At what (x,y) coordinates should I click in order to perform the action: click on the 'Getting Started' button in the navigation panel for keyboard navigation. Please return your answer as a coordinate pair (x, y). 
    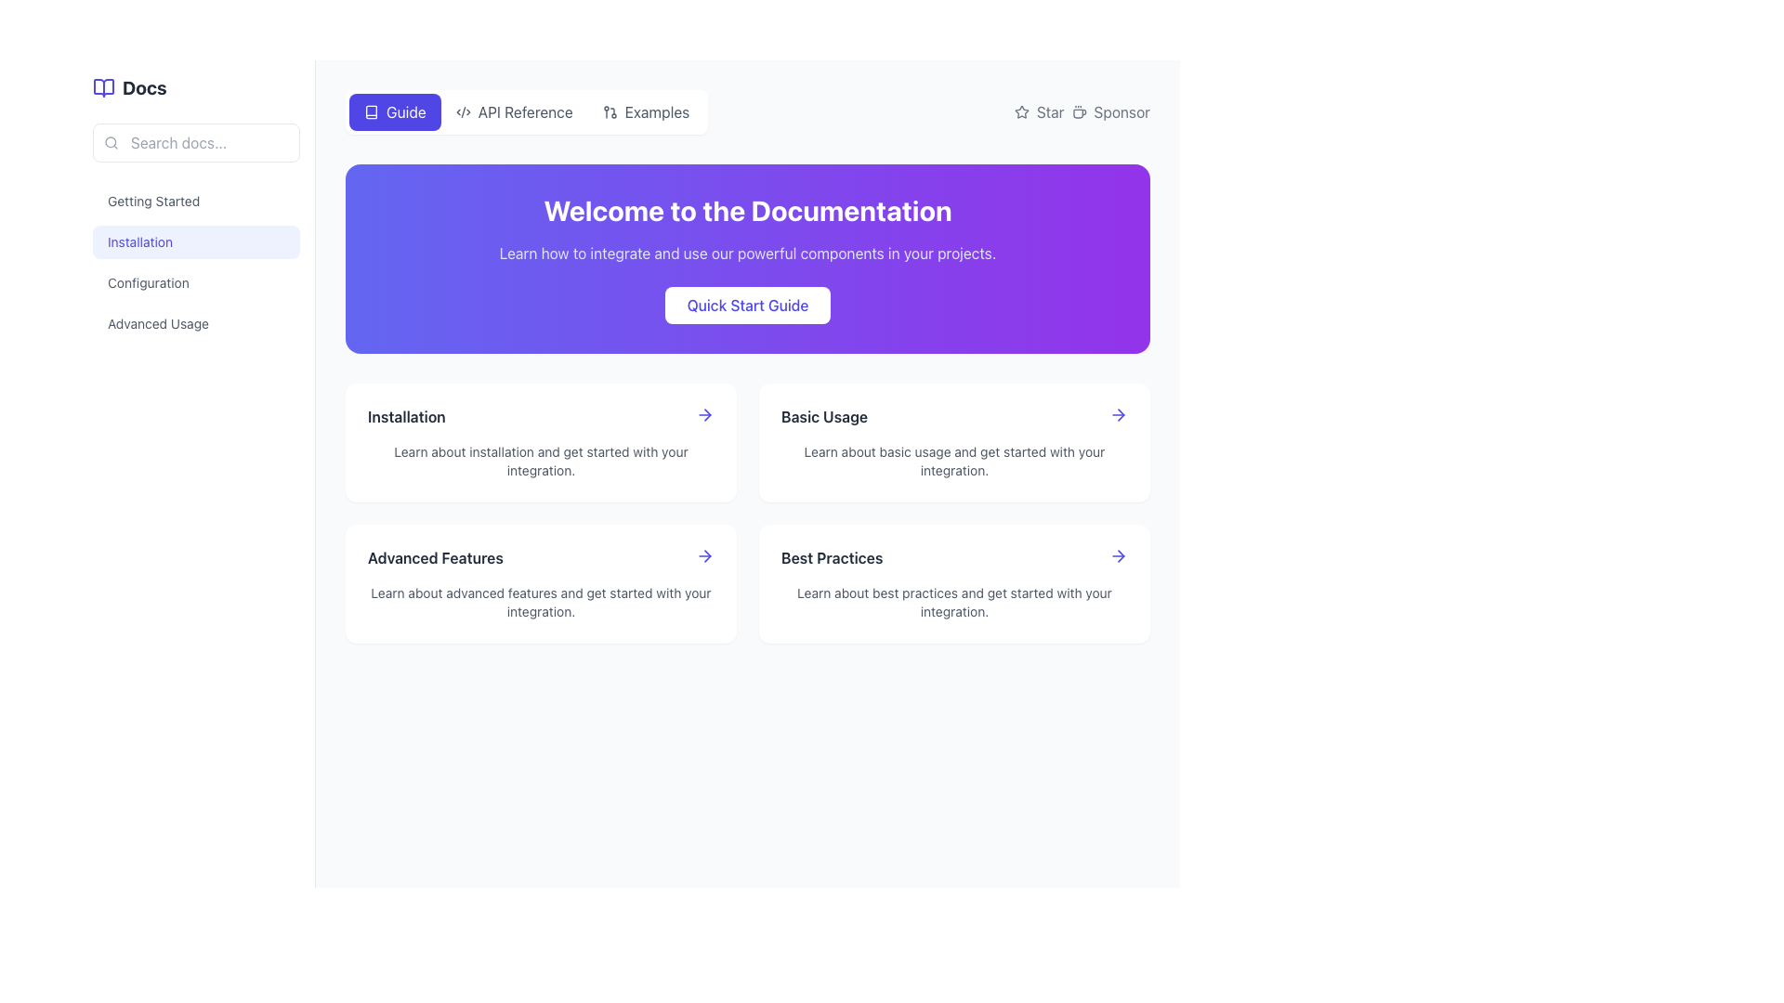
    Looking at the image, I should click on (196, 201).